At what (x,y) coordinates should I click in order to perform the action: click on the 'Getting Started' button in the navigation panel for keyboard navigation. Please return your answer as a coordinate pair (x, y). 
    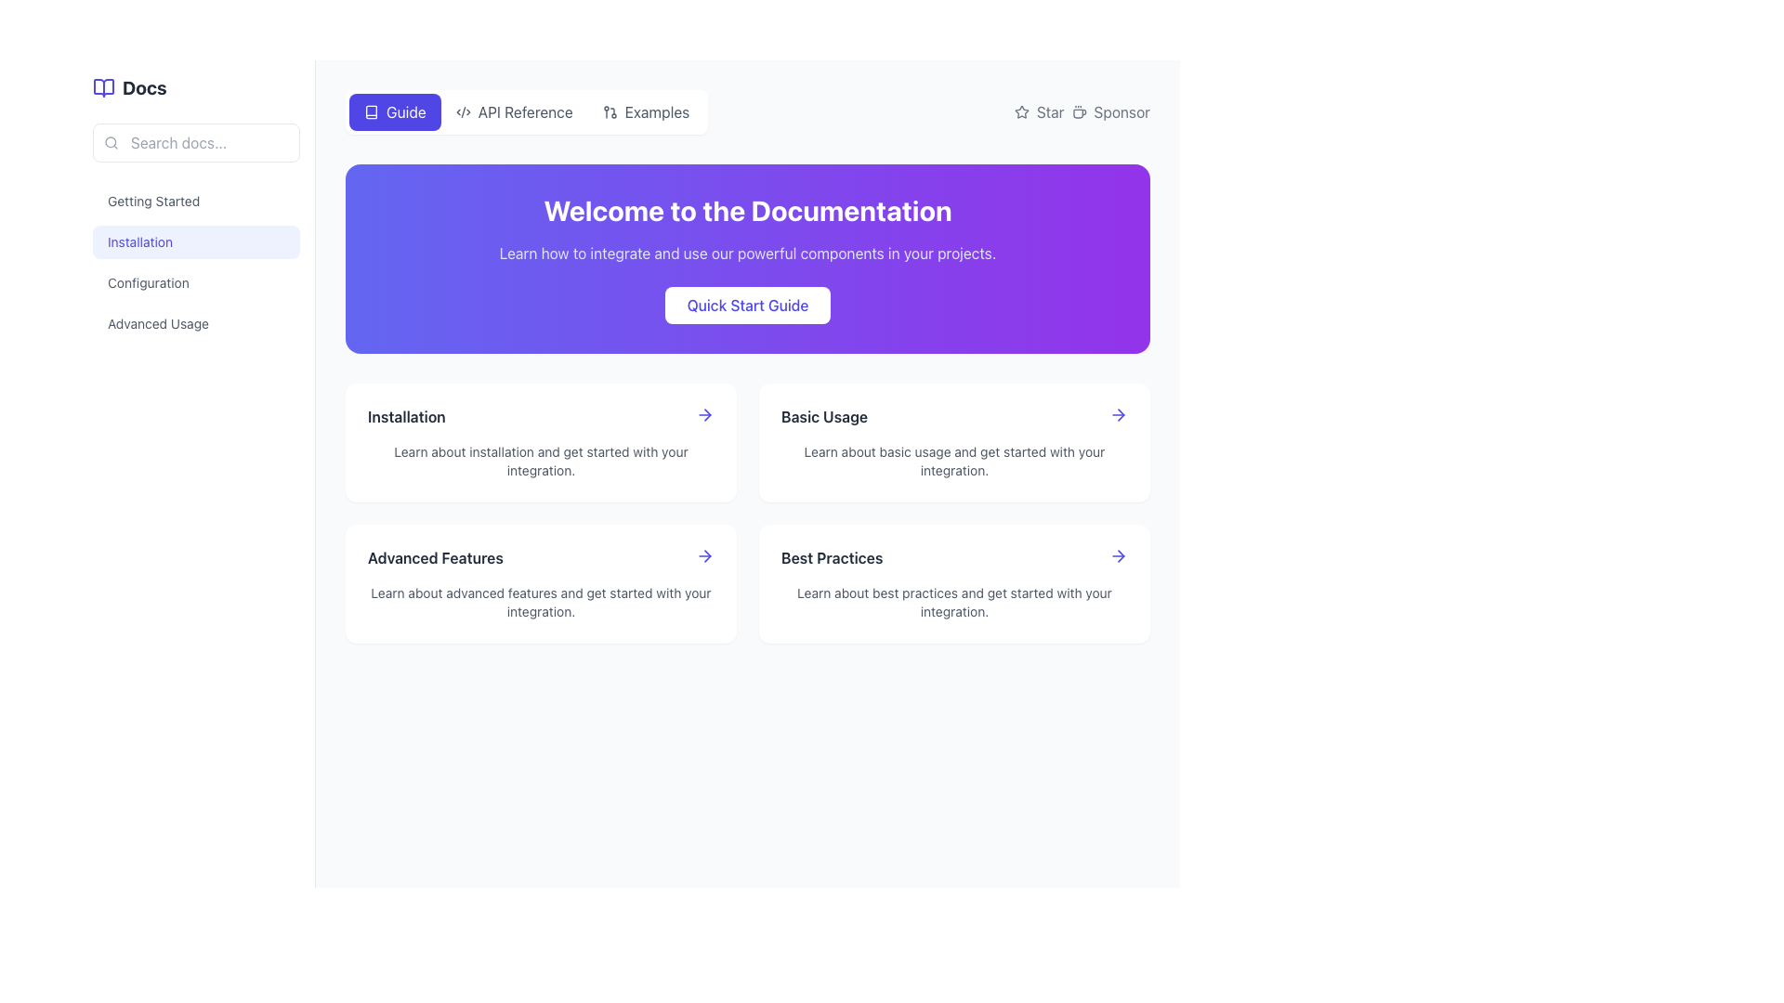
    Looking at the image, I should click on (196, 201).